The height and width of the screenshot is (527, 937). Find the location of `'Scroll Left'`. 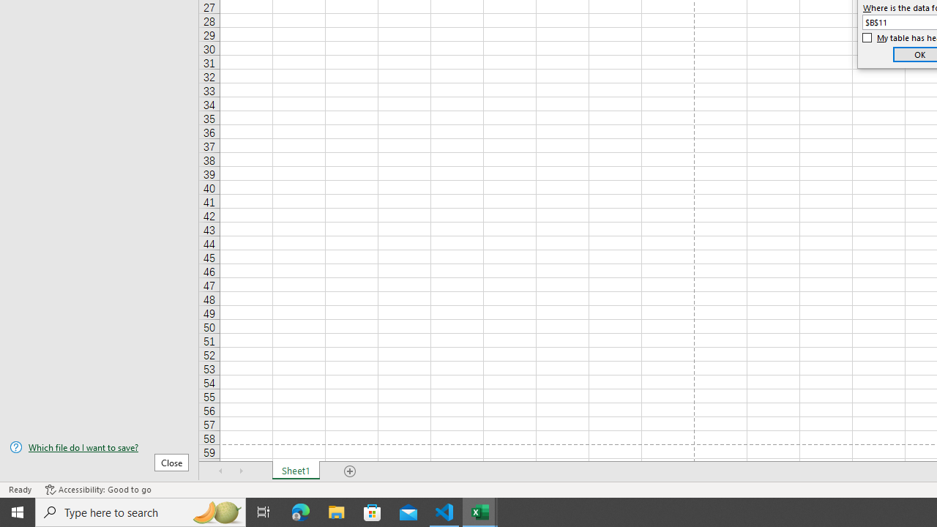

'Scroll Left' is located at coordinates (220, 471).